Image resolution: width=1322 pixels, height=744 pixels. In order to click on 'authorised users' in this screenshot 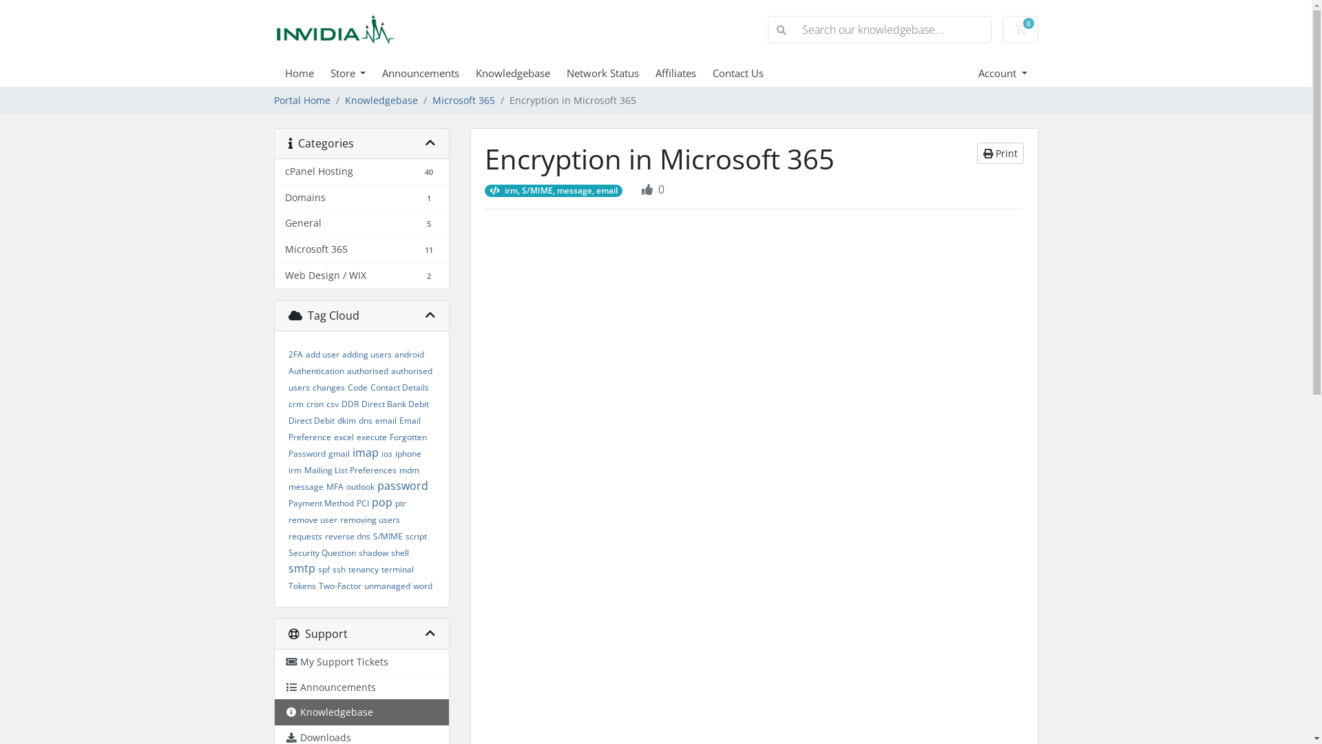, I will do `click(359, 379)`.